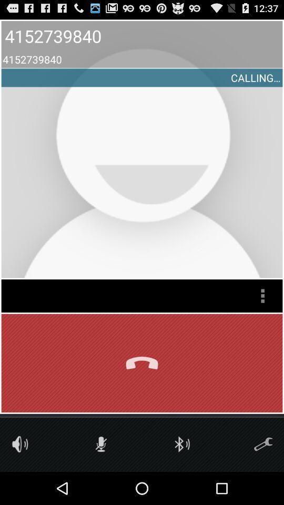 Image resolution: width=284 pixels, height=505 pixels. I want to click on activate bluetooth, so click(181, 443).